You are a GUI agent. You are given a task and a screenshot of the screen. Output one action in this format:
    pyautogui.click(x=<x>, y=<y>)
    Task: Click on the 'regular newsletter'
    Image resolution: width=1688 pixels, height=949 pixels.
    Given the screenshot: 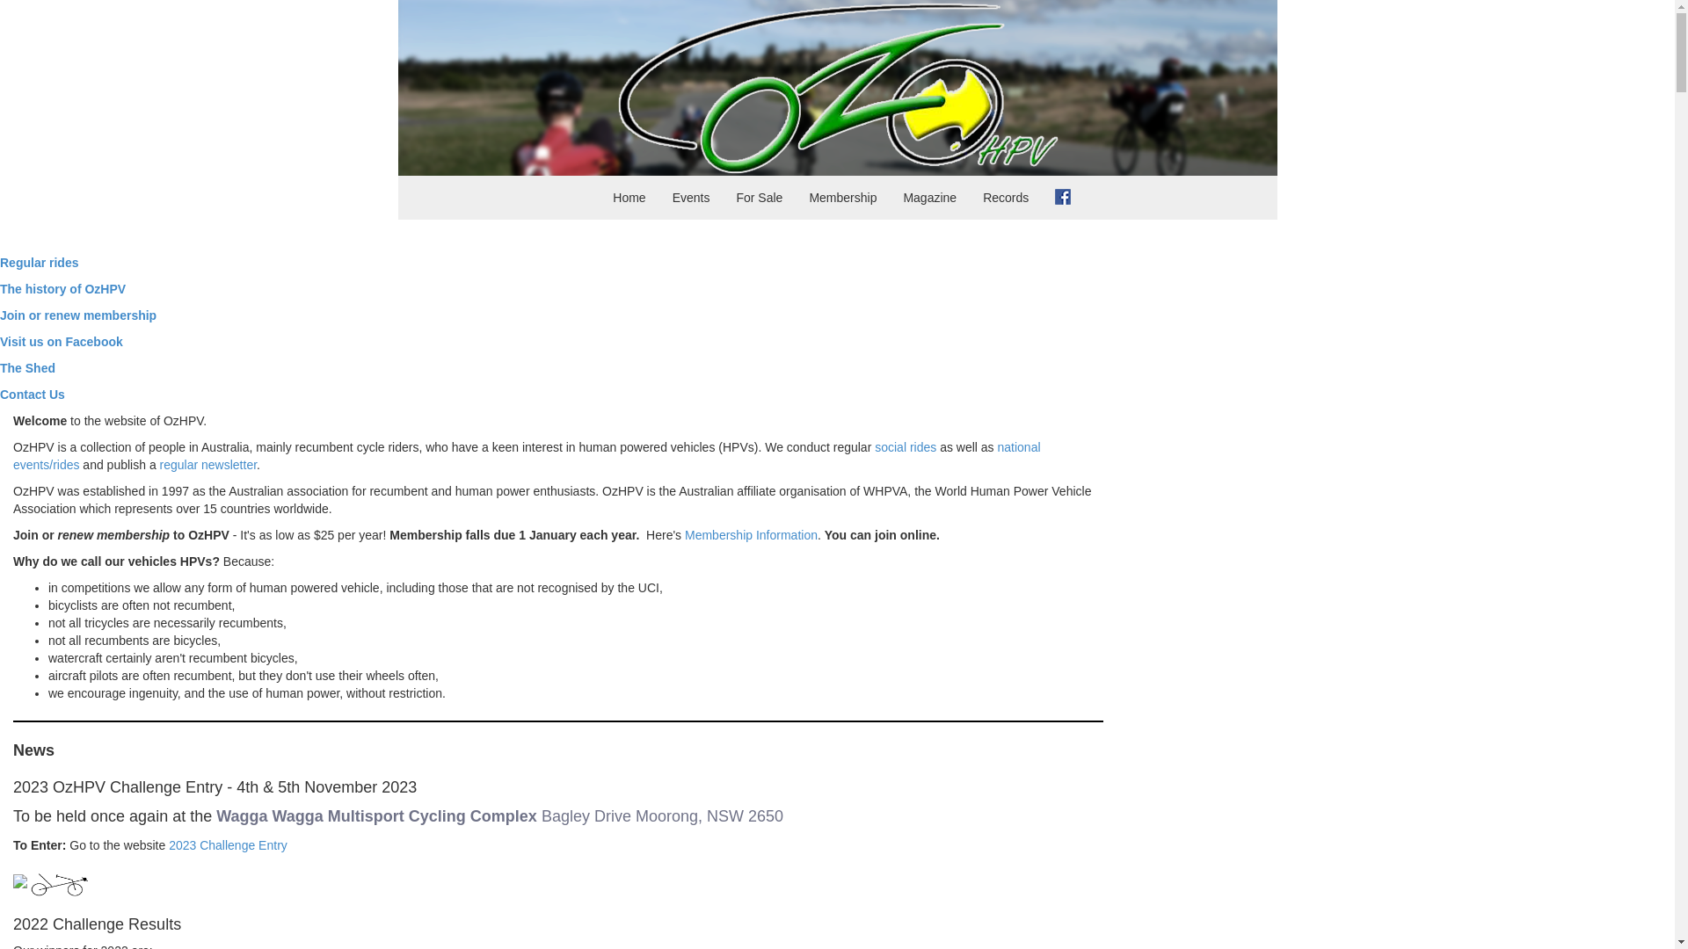 What is the action you would take?
    pyautogui.click(x=208, y=463)
    